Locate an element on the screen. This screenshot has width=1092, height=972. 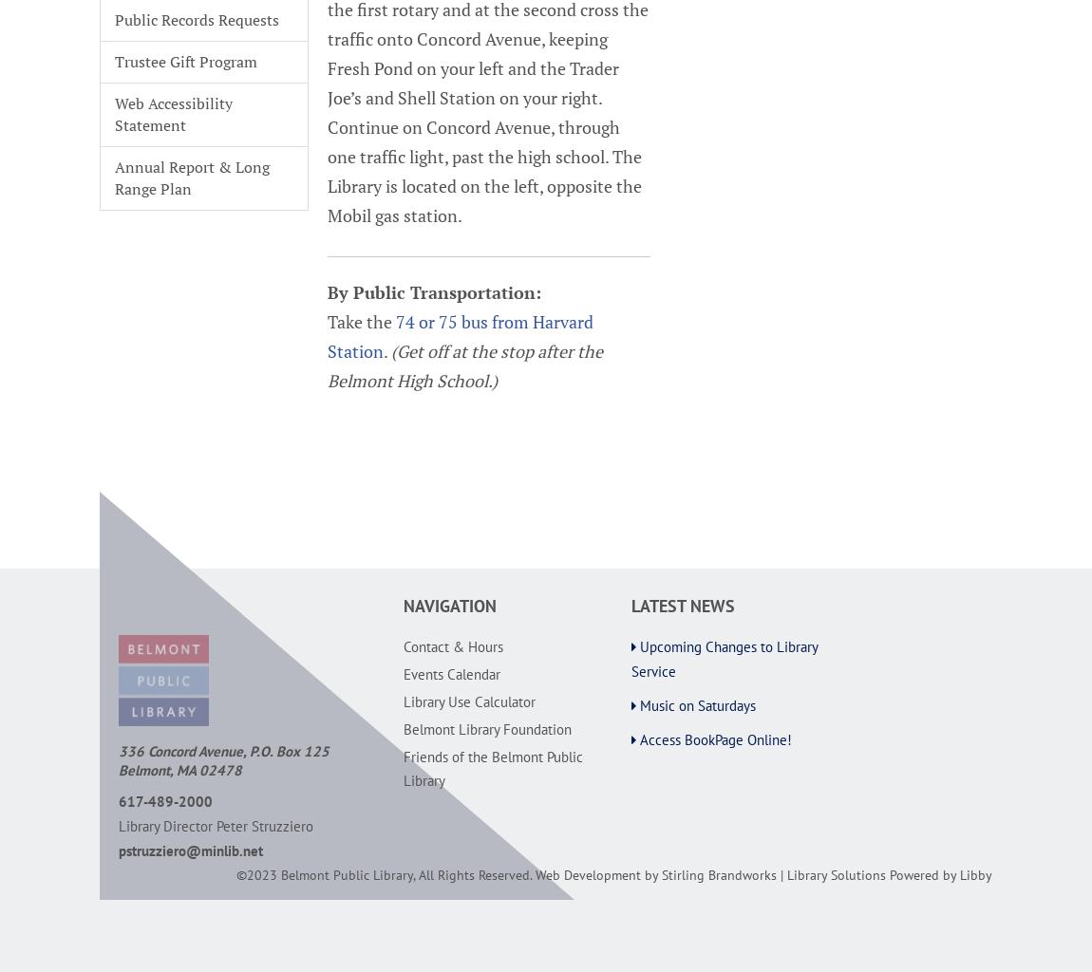
'617-489-2000' is located at coordinates (118, 800).